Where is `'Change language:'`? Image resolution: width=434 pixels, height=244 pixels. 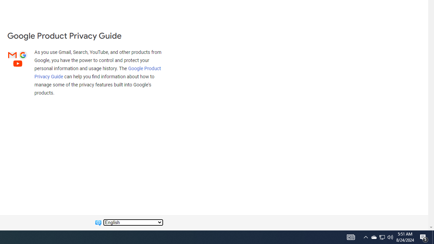 'Change language:' is located at coordinates (133, 222).